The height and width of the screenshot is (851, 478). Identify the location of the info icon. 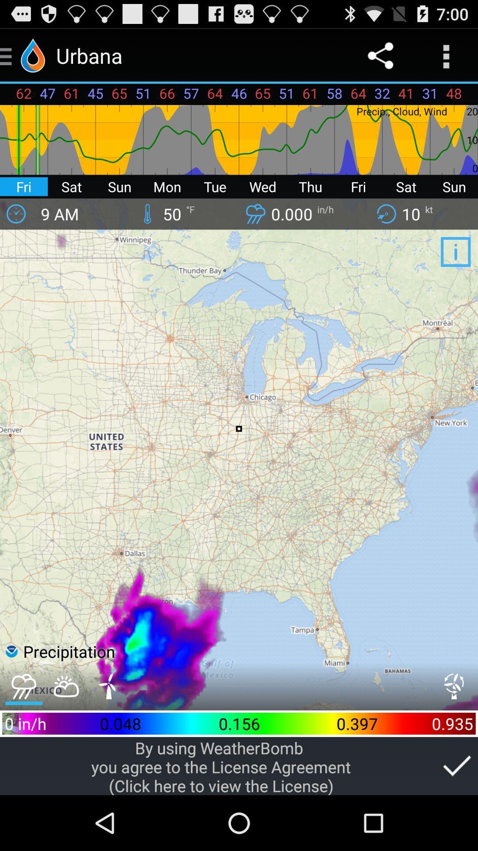
(455, 269).